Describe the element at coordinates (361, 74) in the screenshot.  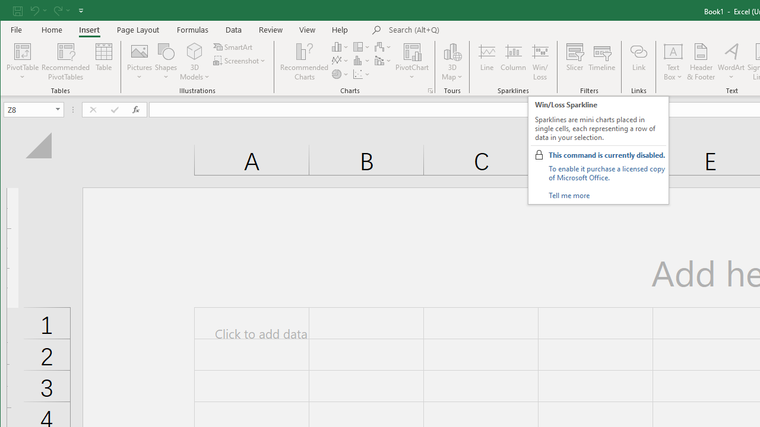
I see `'Insert Scatter (X, Y) or Bubble Chart'` at that location.